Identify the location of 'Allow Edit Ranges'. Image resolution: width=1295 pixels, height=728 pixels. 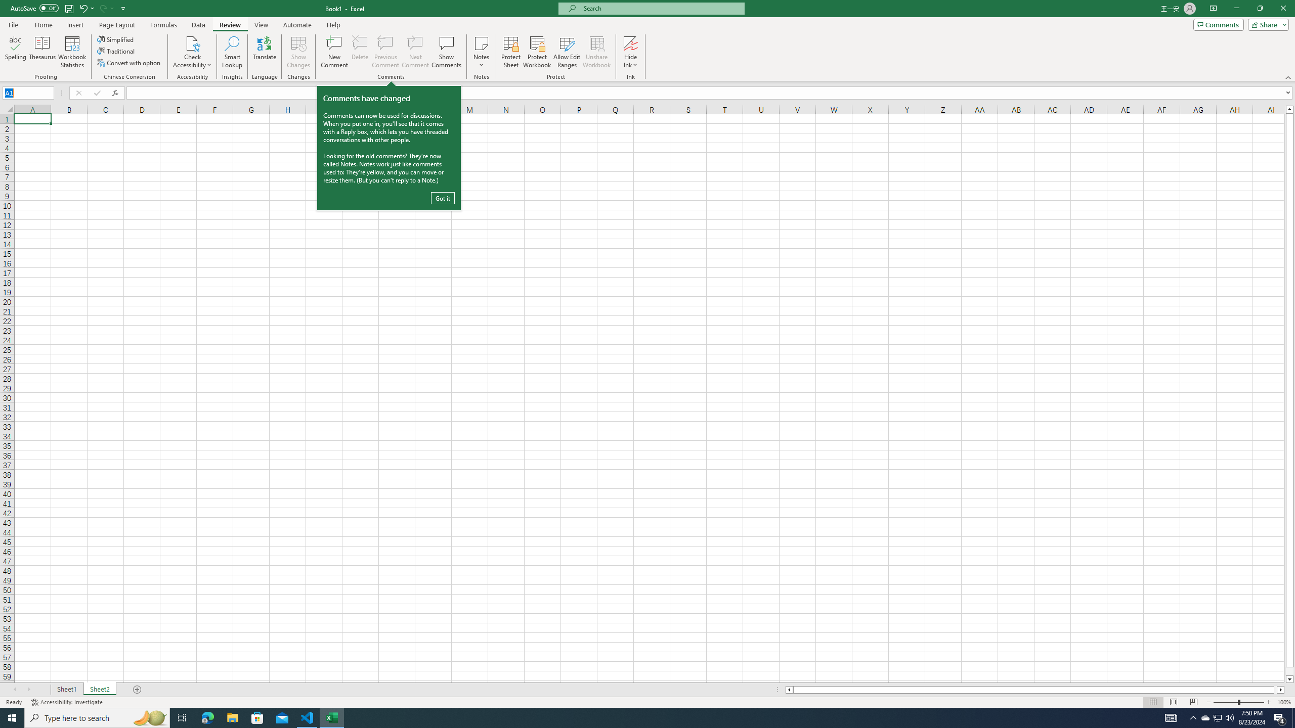
(567, 52).